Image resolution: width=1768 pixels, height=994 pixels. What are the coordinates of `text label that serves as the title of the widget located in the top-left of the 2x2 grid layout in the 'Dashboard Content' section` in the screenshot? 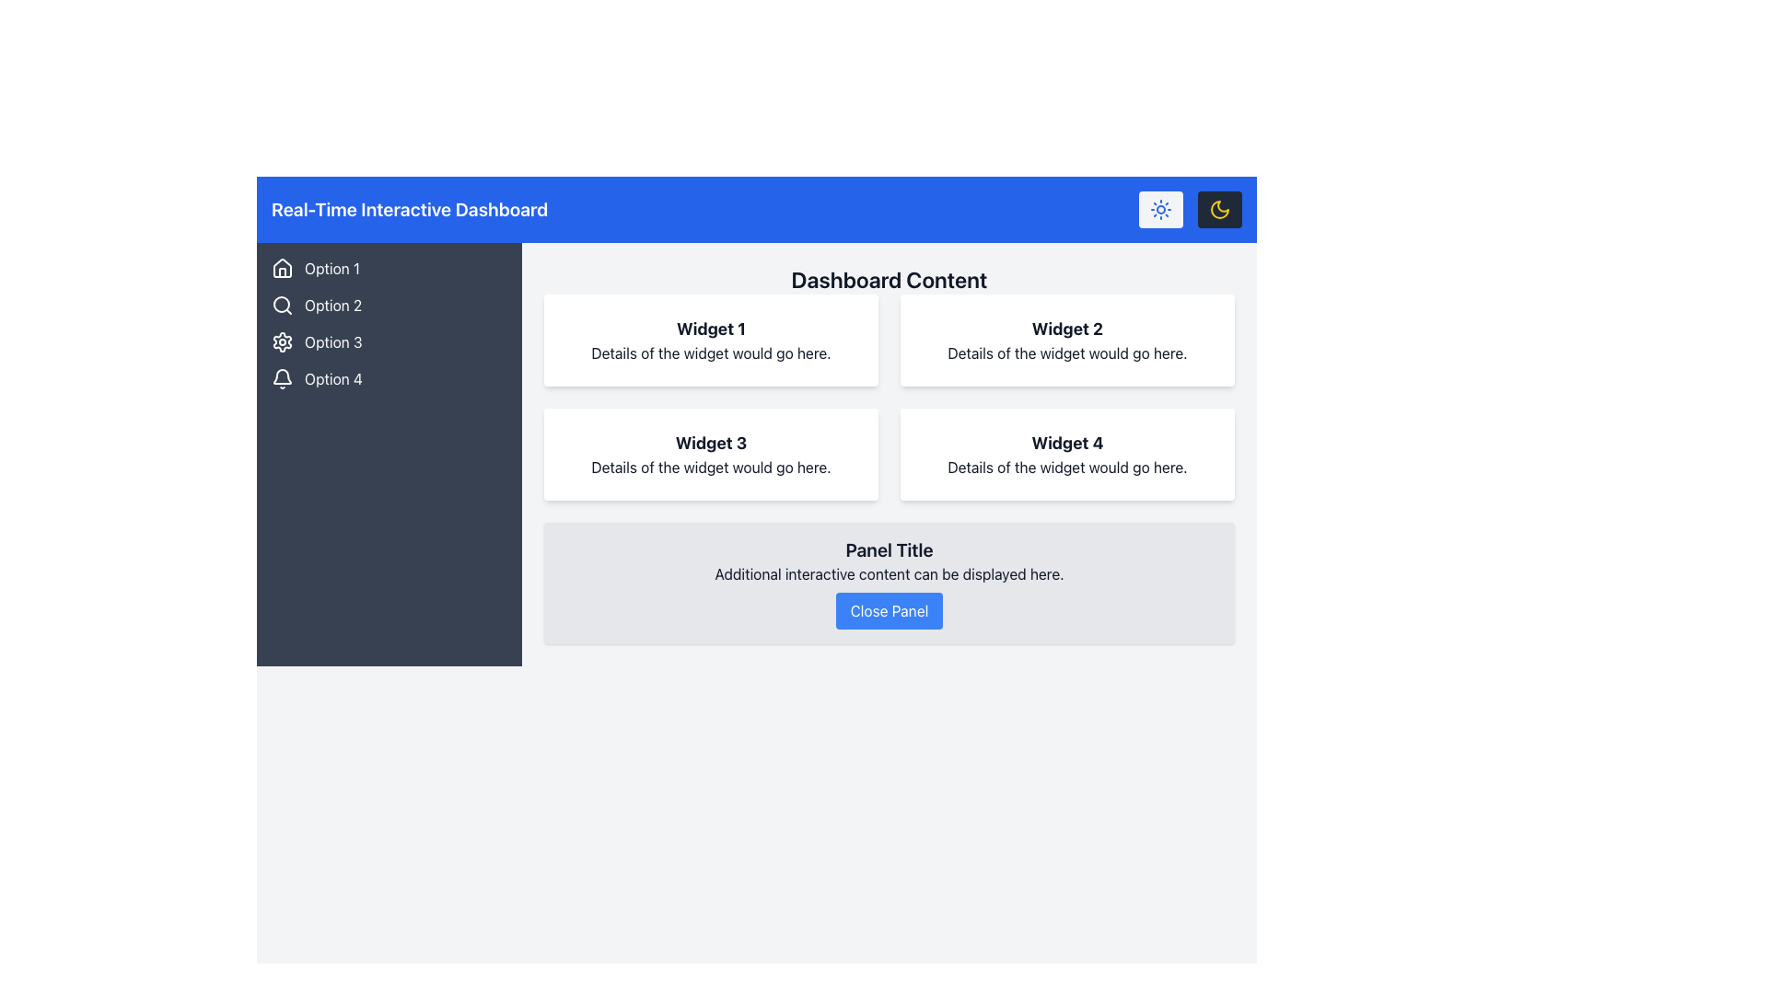 It's located at (710, 329).